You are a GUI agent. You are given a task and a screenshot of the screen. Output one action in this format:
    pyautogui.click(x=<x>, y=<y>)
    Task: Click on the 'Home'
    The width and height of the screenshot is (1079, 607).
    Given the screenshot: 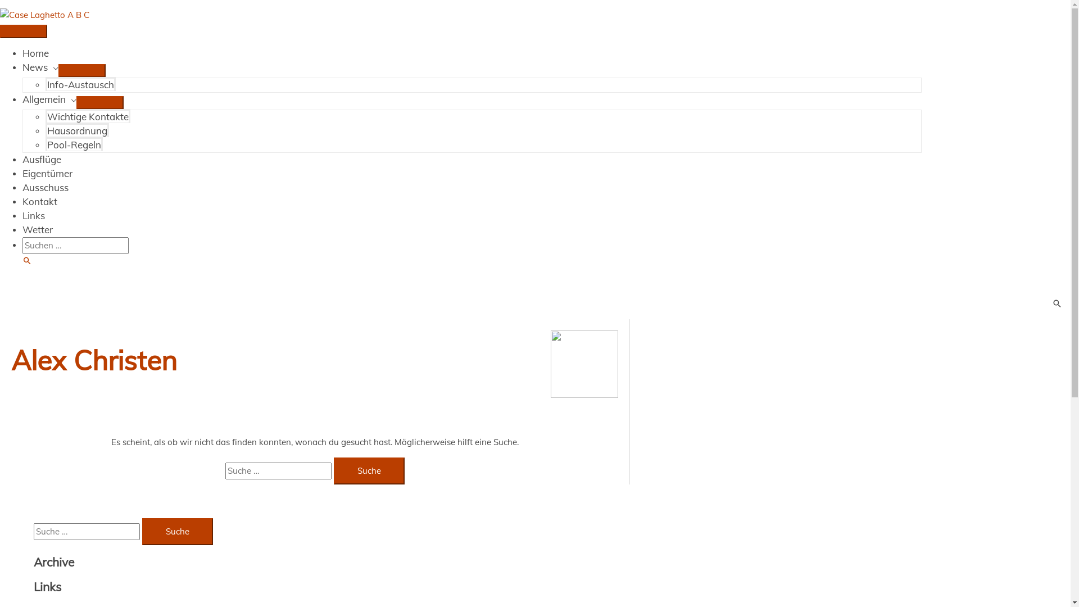 What is the action you would take?
    pyautogui.click(x=22, y=53)
    